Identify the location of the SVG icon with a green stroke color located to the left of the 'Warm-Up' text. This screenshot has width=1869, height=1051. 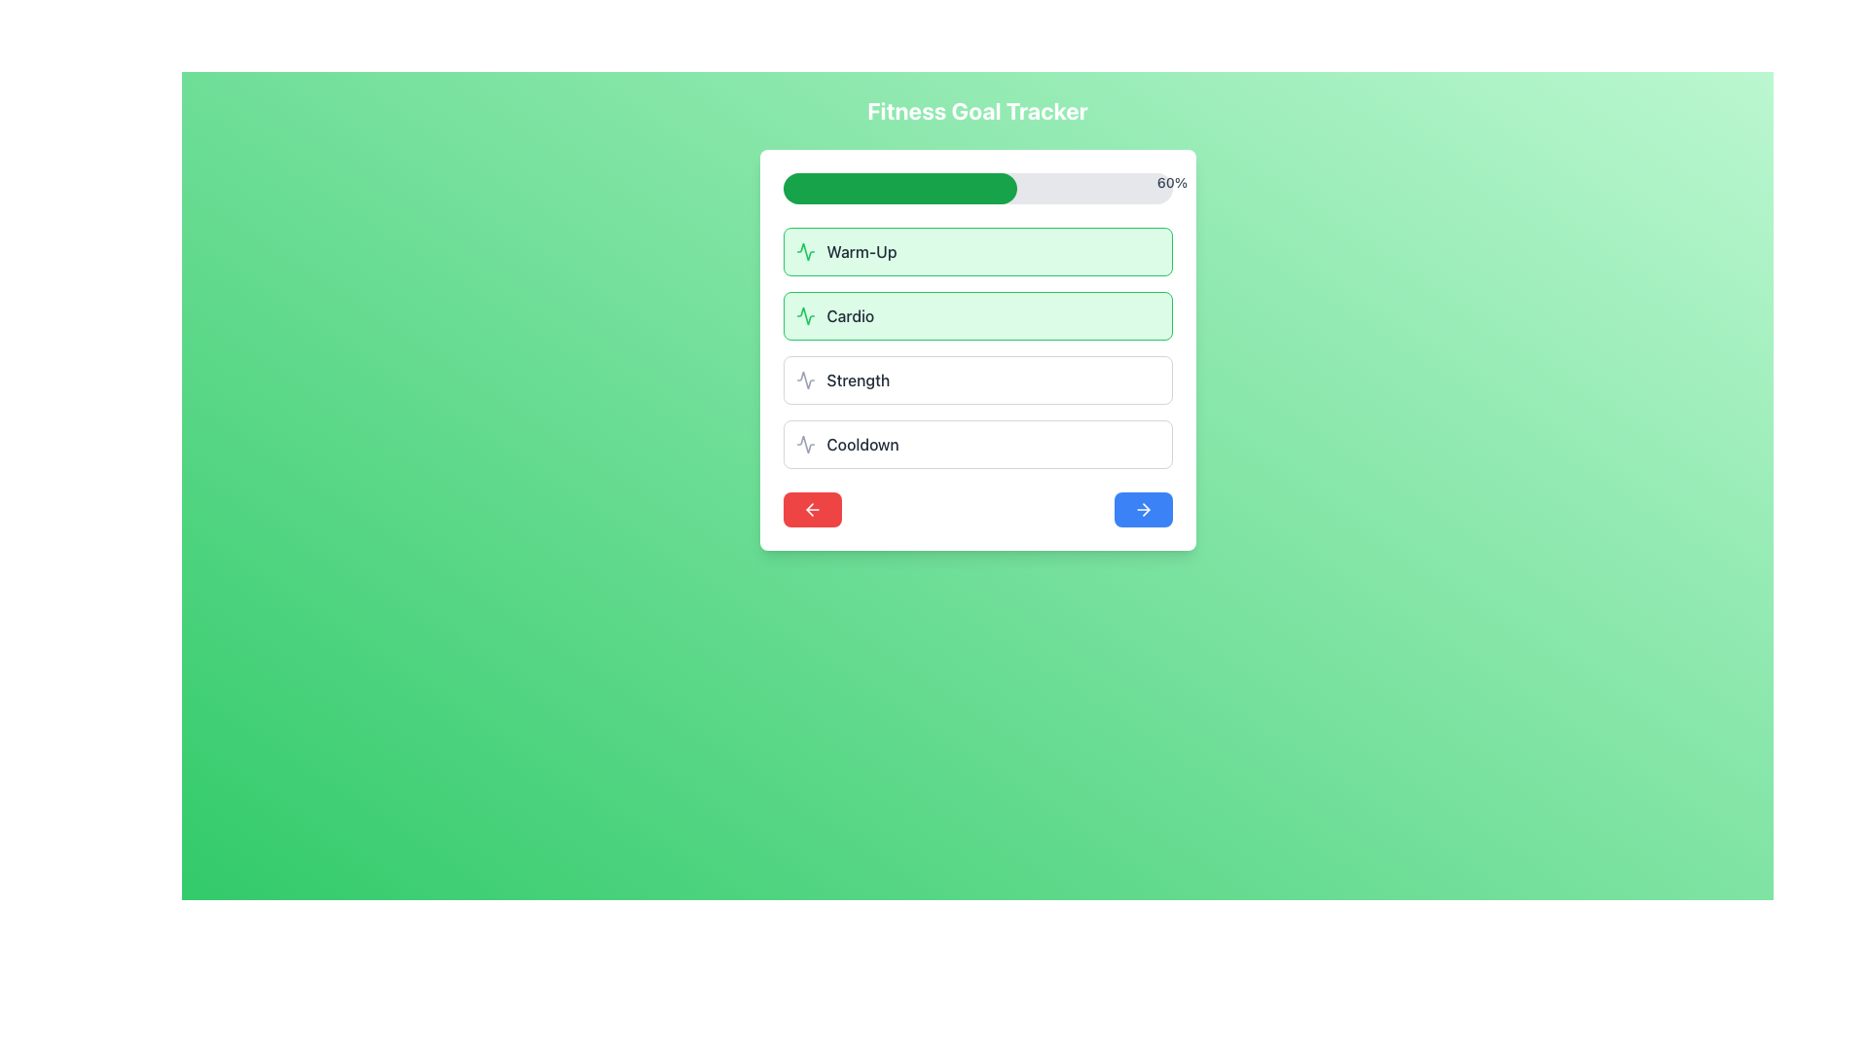
(805, 250).